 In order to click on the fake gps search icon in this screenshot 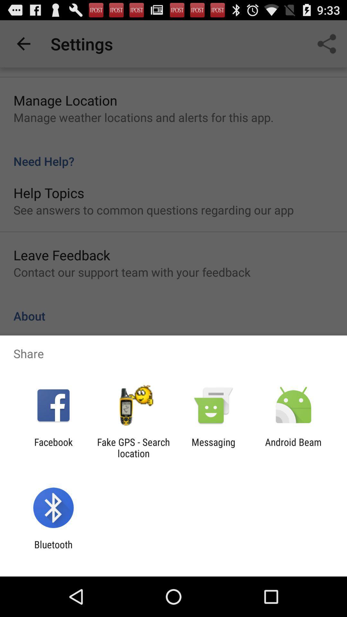, I will do `click(133, 447)`.